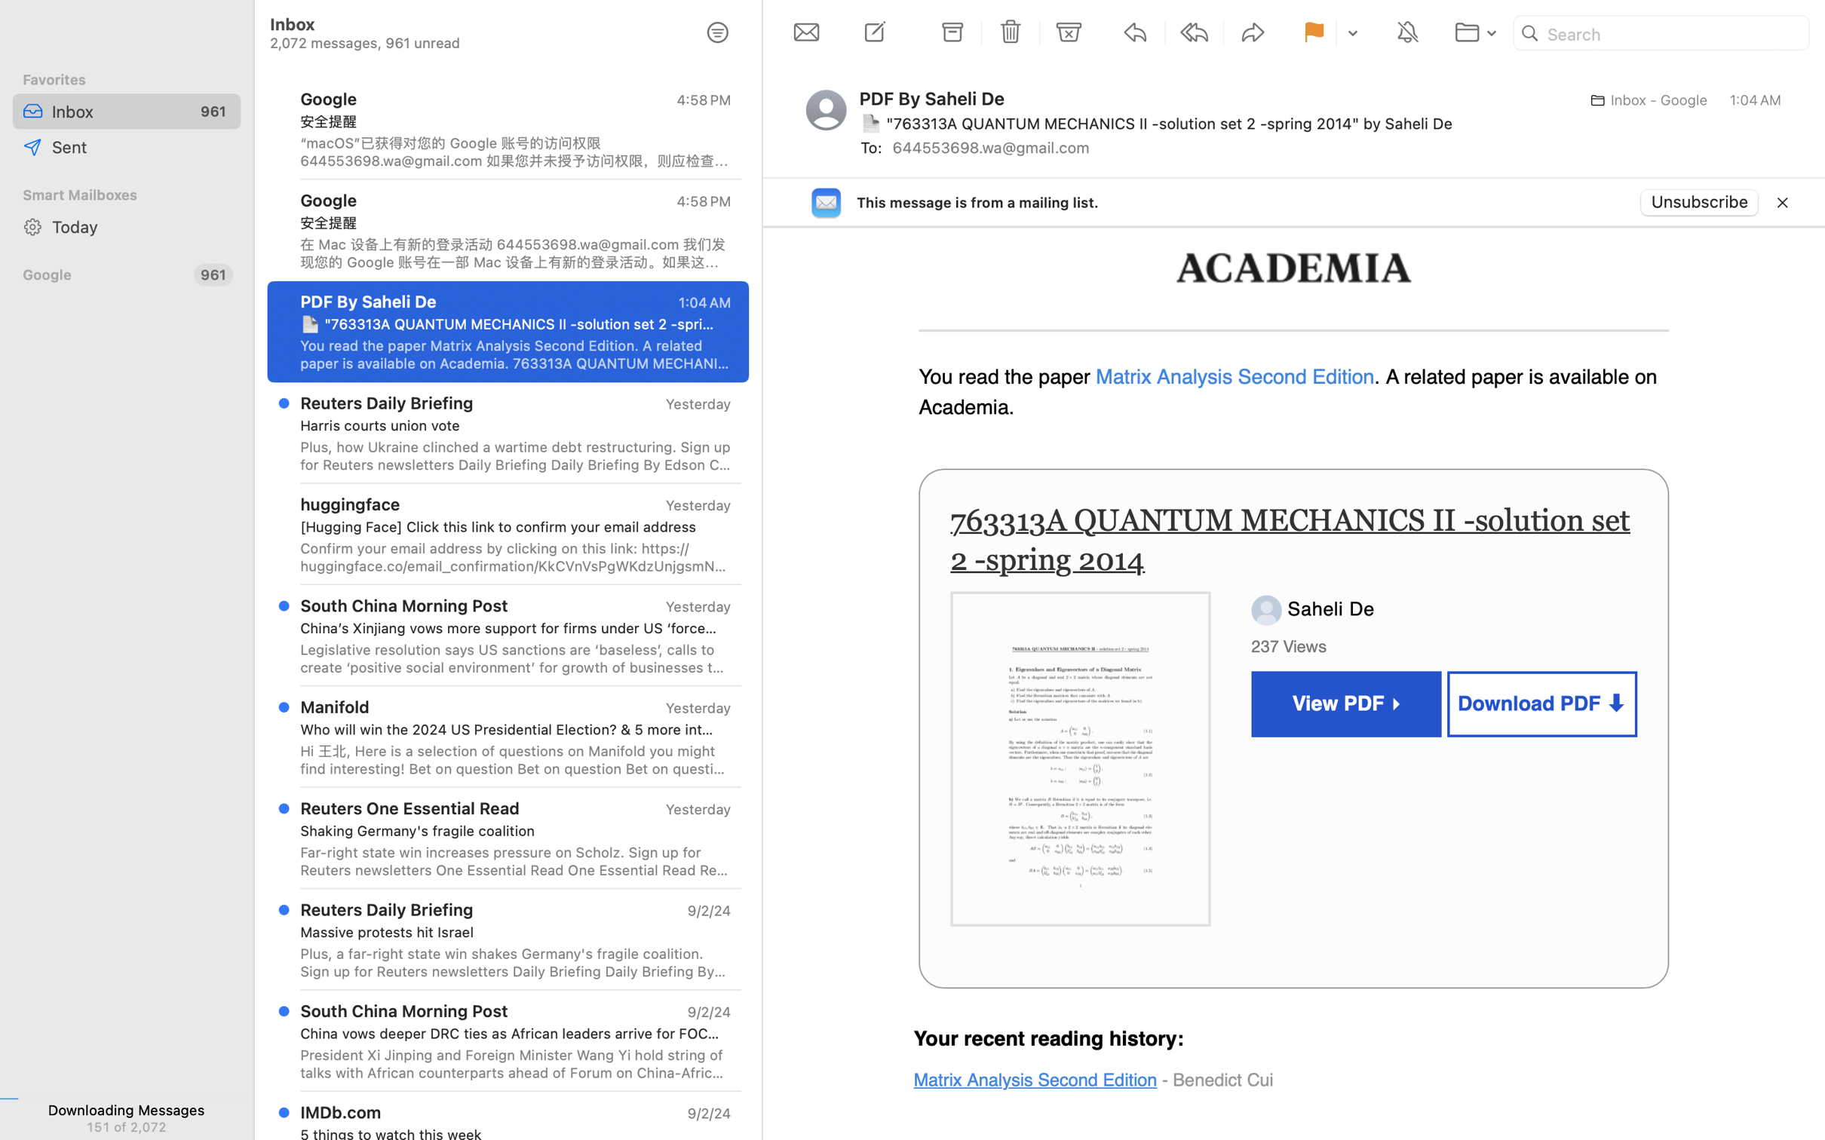 This screenshot has width=1825, height=1140. Describe the element at coordinates (510, 627) in the screenshot. I see `'China’s Xinjiang vows more support for firms under US ‘forced labour’ sanctions'` at that location.